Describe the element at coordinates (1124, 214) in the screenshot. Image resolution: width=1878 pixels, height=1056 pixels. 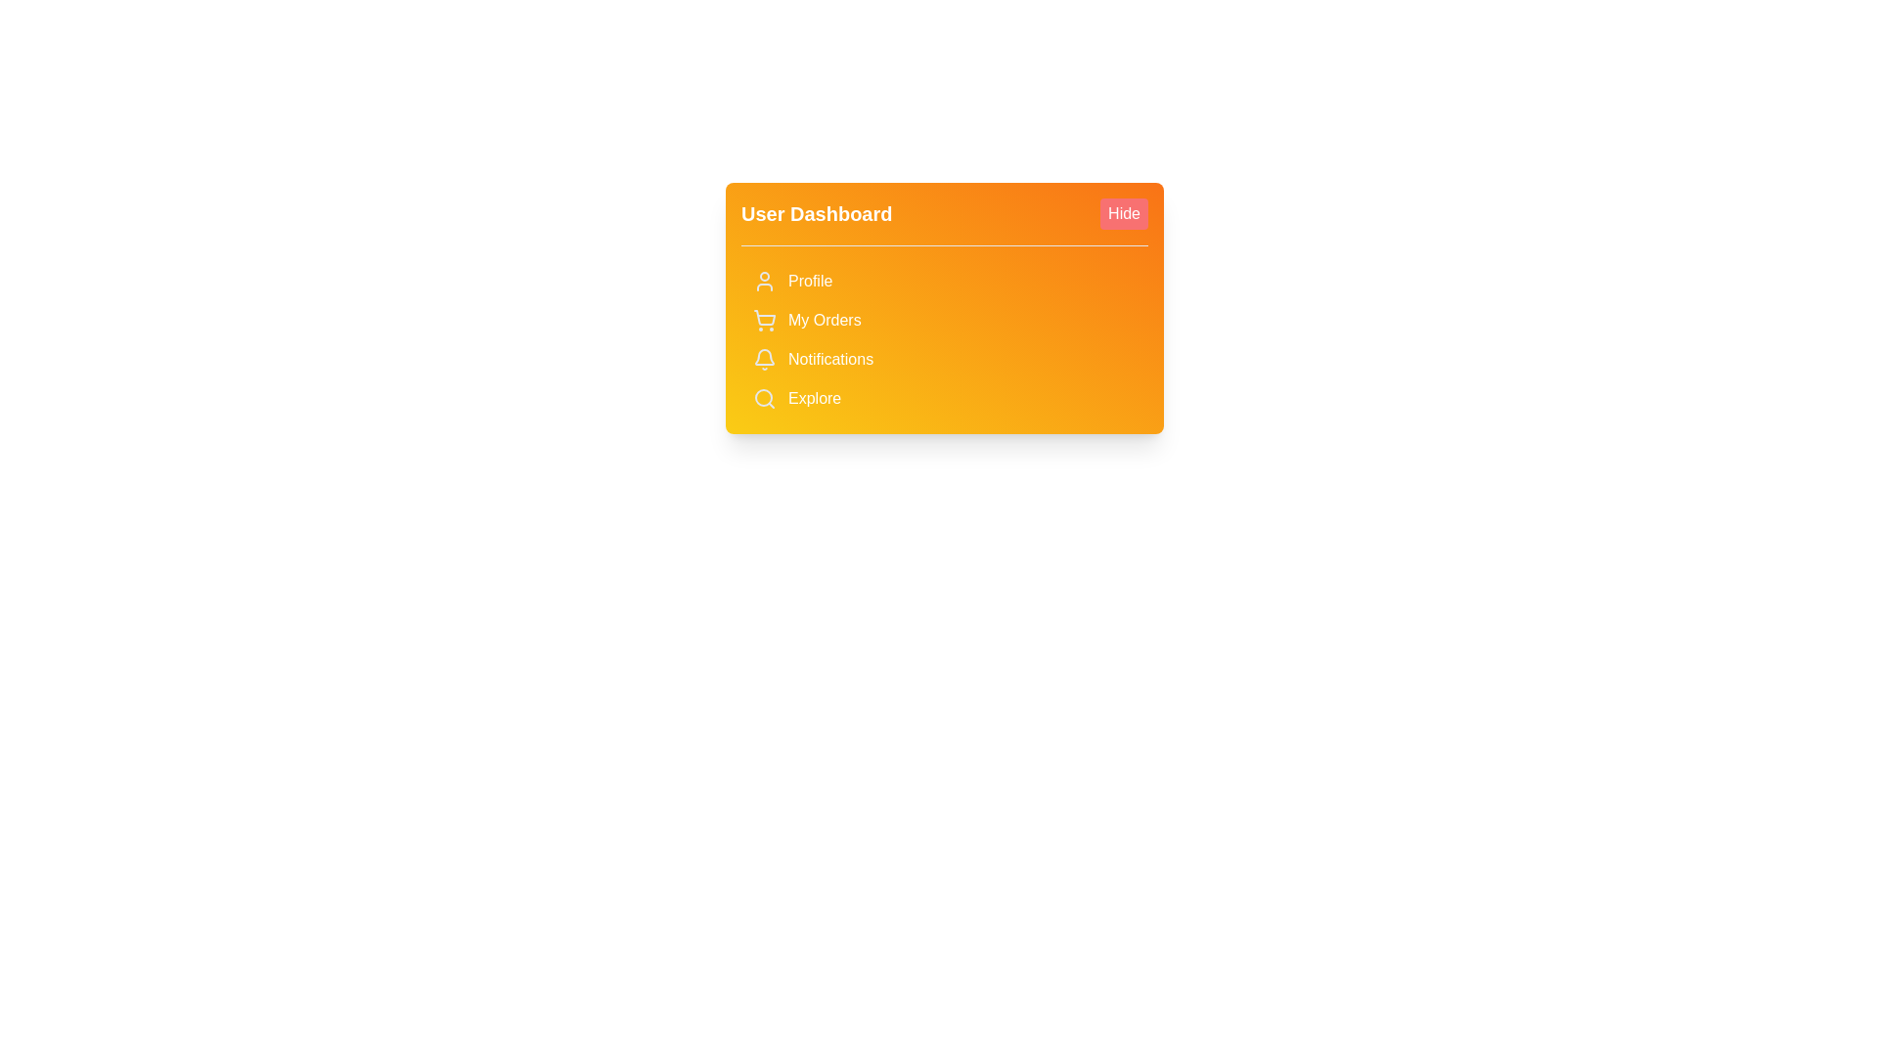
I see `'Hide' button to toggle the menu visibility` at that location.